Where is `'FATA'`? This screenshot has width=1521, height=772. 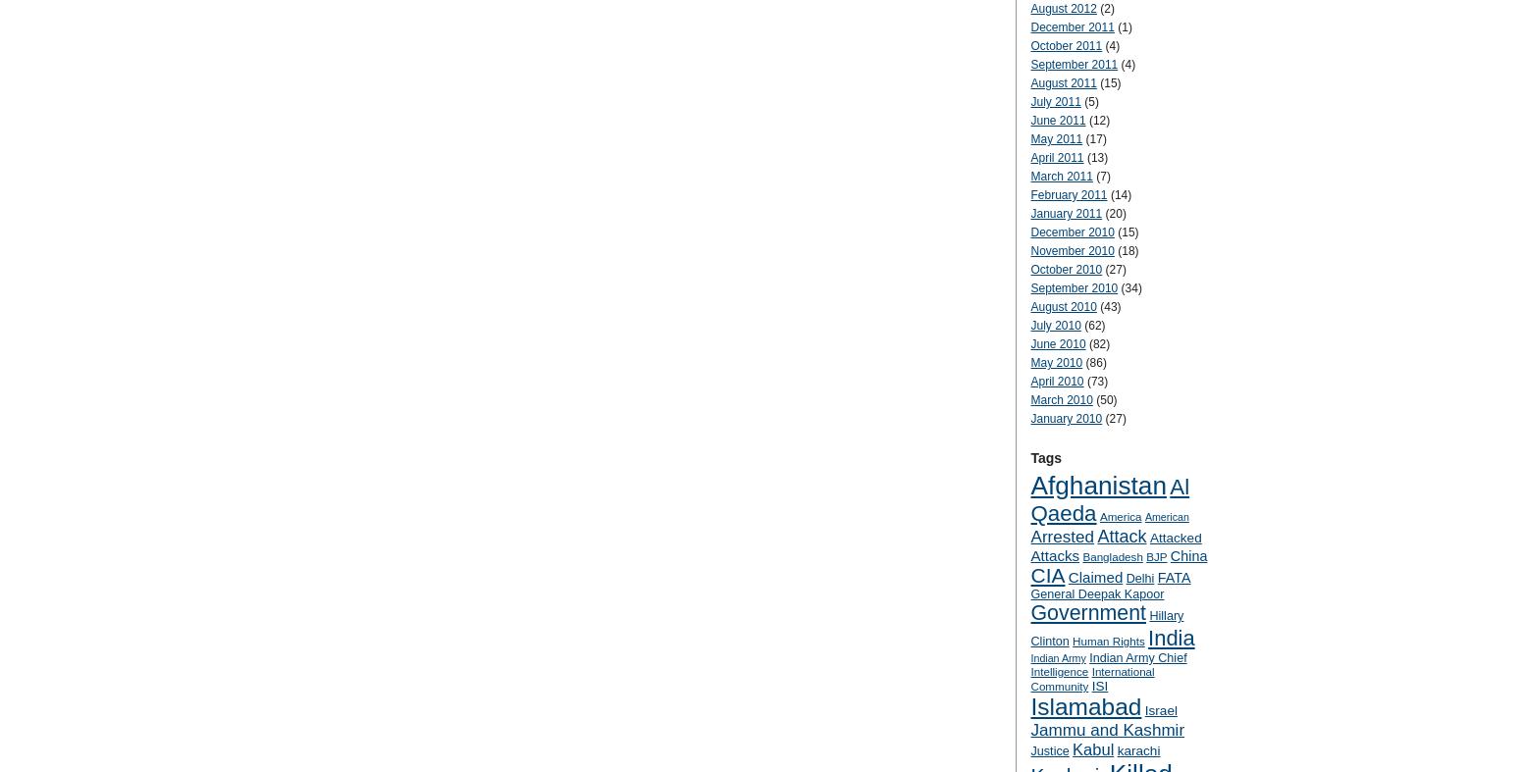
'FATA' is located at coordinates (1173, 576).